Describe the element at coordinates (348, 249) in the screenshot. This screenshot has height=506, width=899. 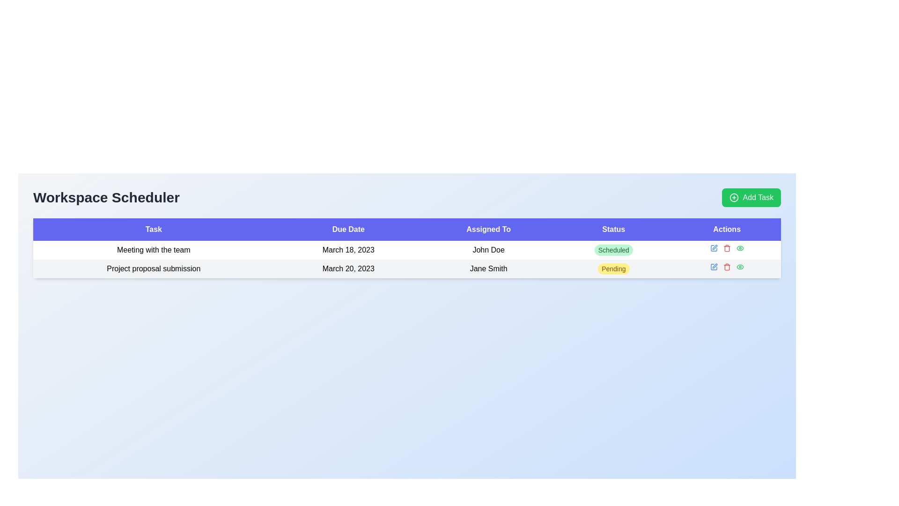
I see `the Text display element showing 'March 18, 2023' in the 'Due Date' column of the table` at that location.